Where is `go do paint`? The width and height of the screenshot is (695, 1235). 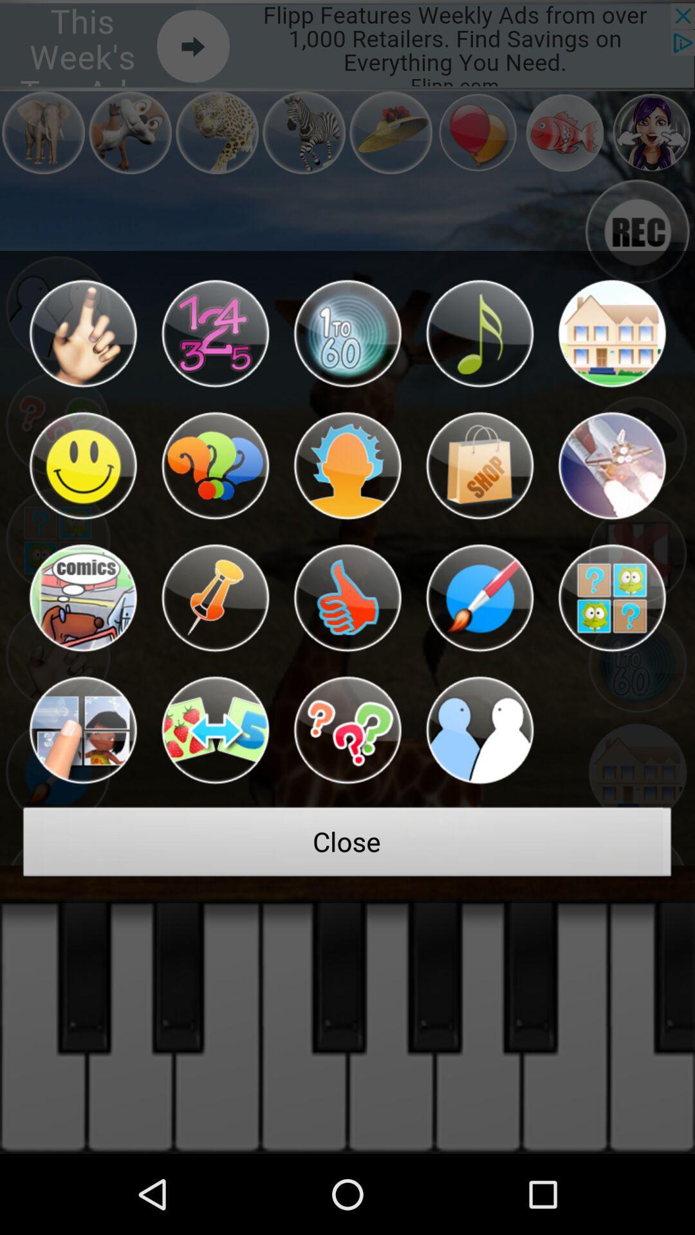
go do paint is located at coordinates (479, 598).